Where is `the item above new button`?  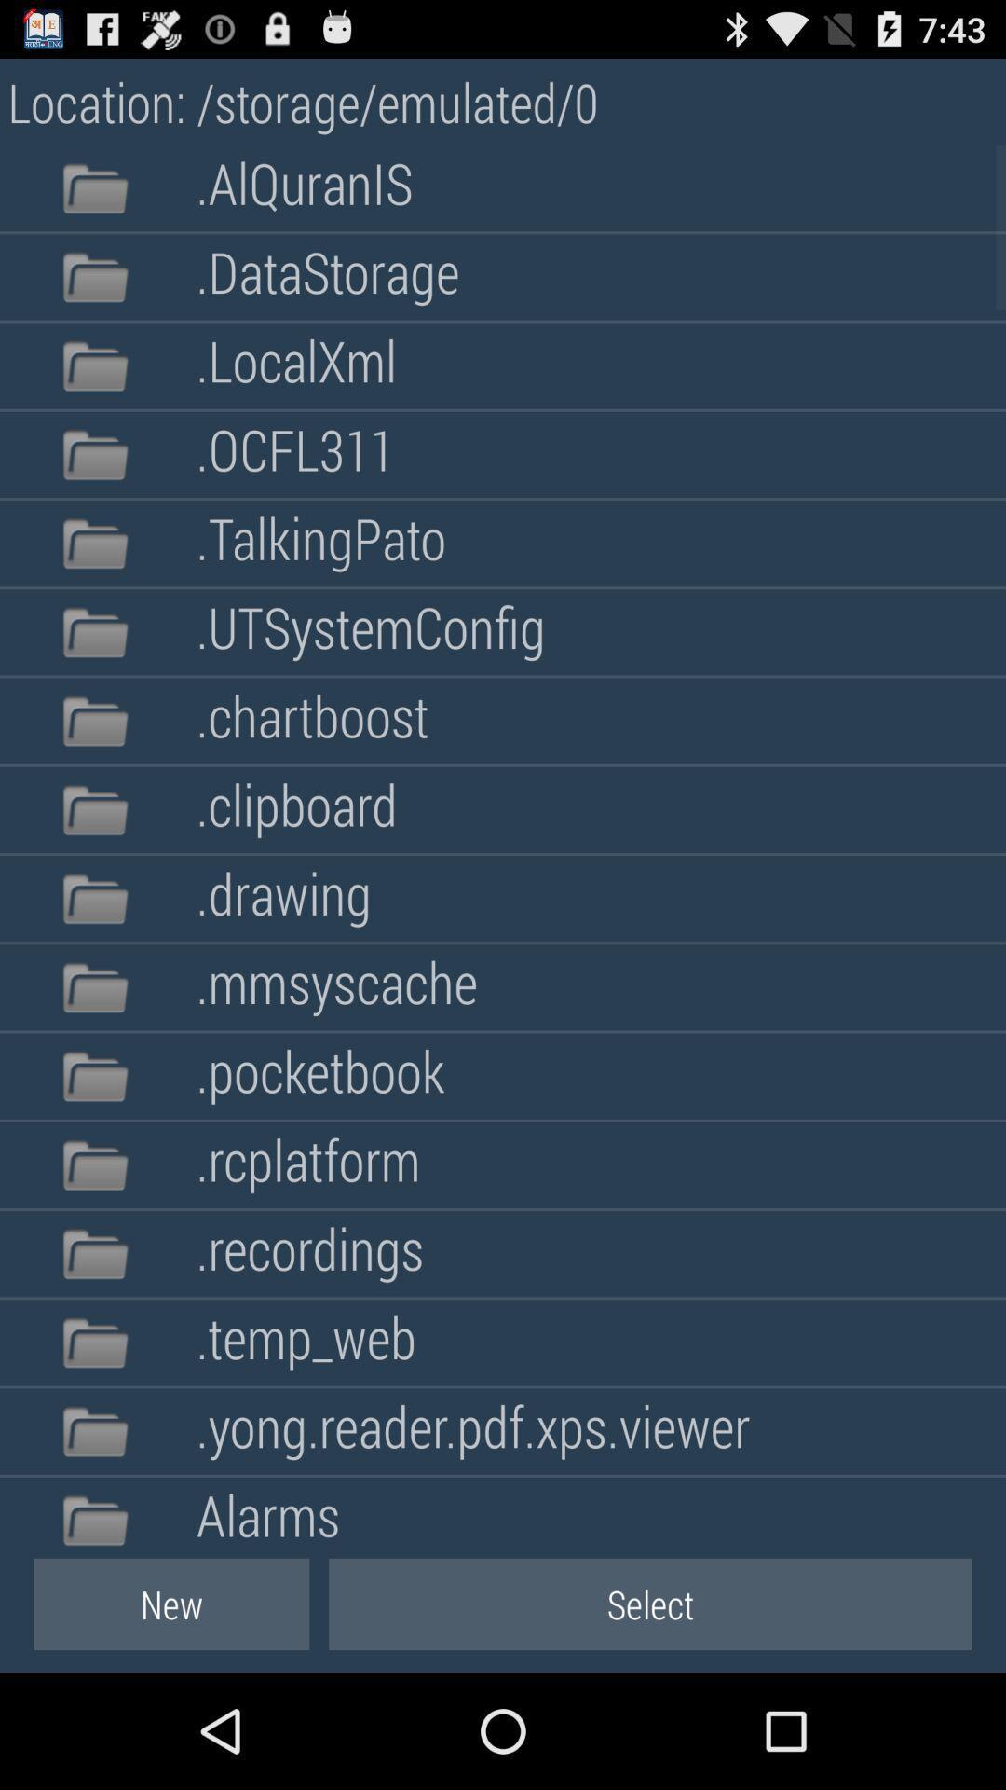 the item above new button is located at coordinates (268, 1512).